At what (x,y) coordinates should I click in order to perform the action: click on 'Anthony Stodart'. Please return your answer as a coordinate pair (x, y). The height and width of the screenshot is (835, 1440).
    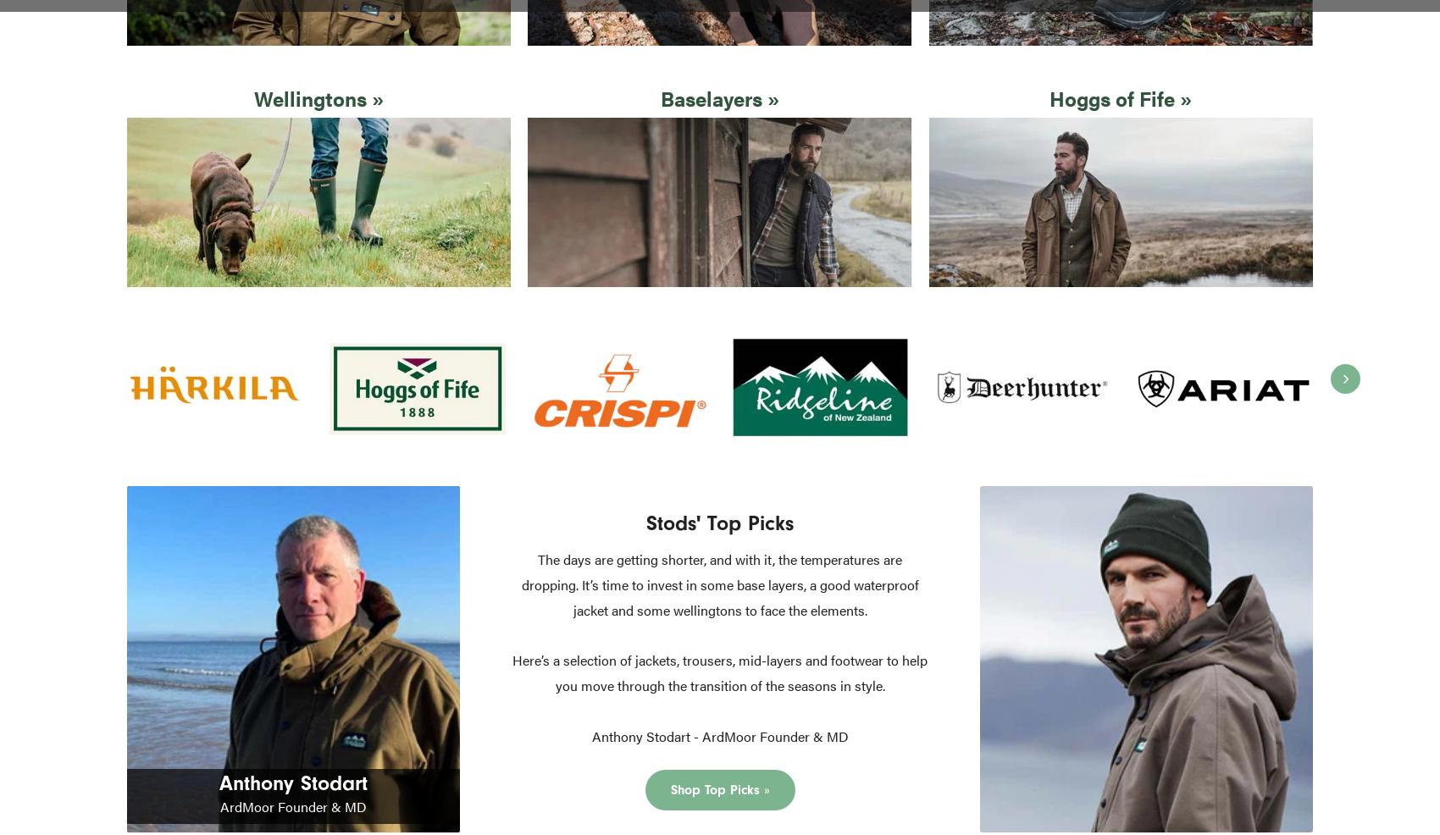
    Looking at the image, I should click on (219, 782).